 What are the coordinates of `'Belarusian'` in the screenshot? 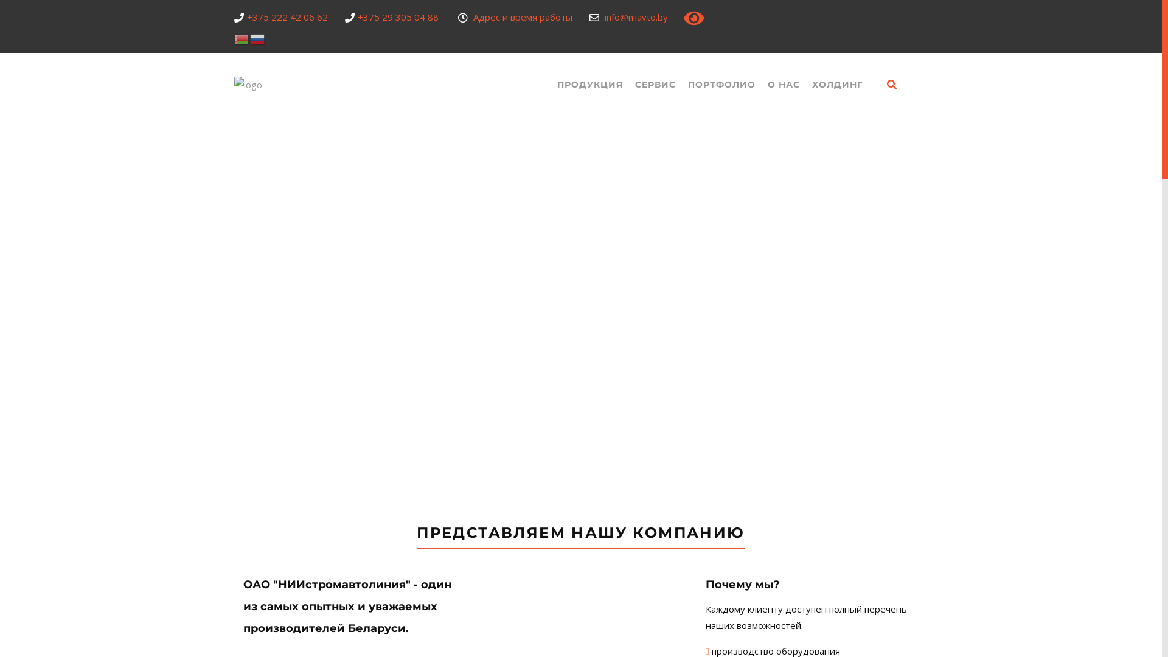 It's located at (234, 37).